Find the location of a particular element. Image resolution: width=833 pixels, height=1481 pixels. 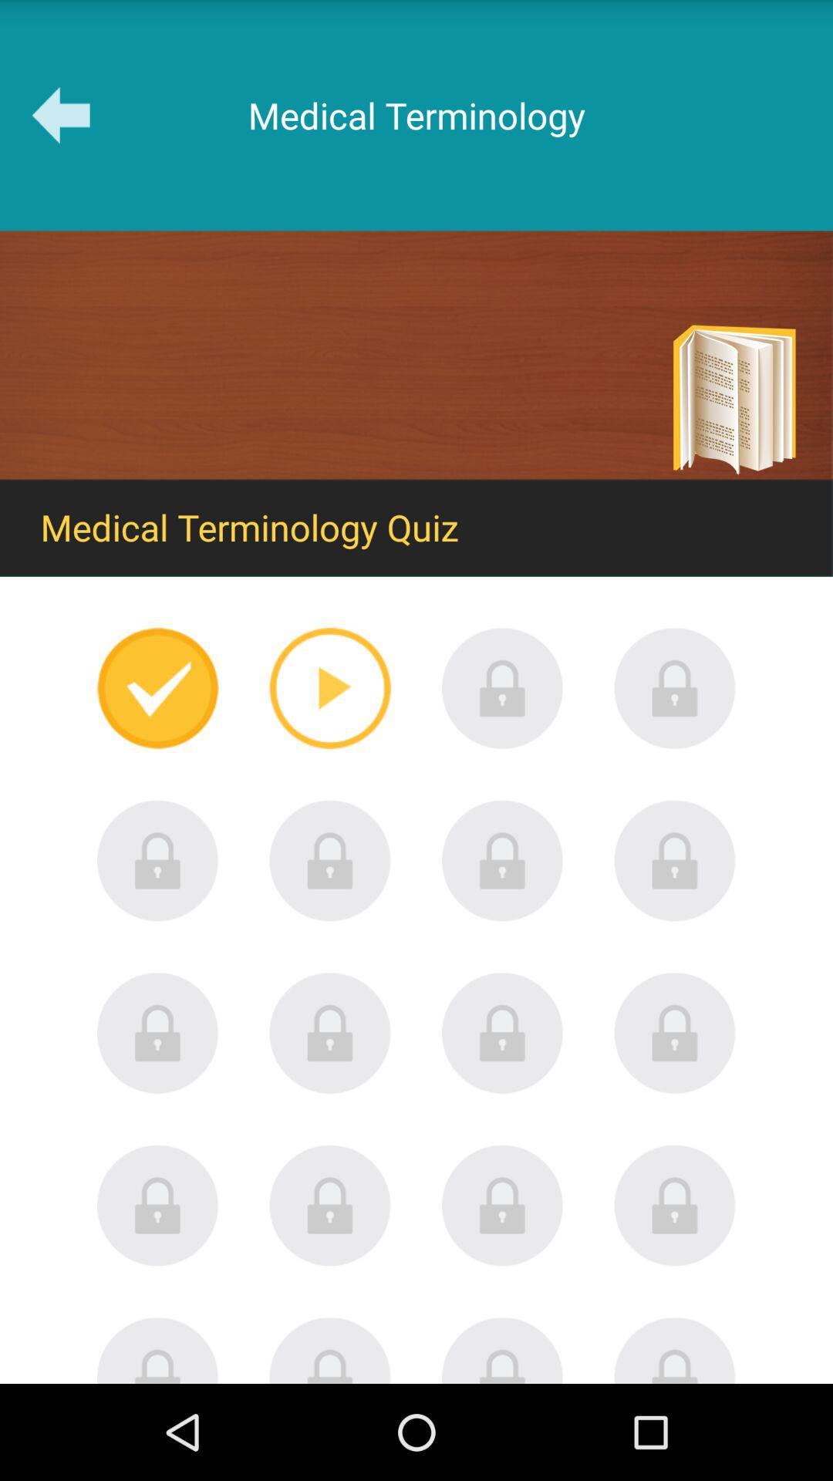

the lock icon is located at coordinates (674, 921).